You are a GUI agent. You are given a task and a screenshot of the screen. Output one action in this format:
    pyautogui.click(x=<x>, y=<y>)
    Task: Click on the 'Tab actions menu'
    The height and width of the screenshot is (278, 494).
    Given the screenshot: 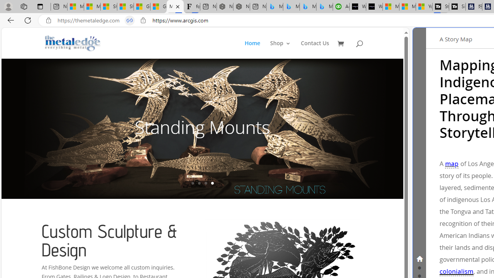 What is the action you would take?
    pyautogui.click(x=40, y=6)
    